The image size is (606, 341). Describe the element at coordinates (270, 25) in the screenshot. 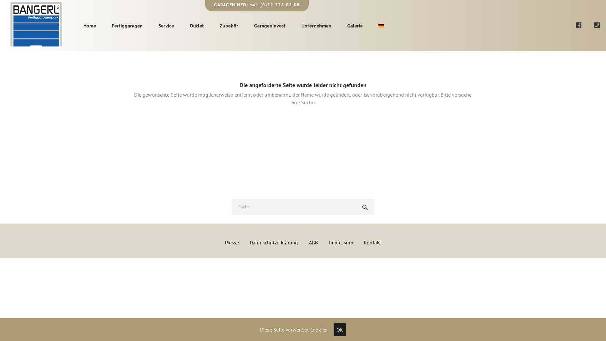

I see `'Garageninvest'` at that location.